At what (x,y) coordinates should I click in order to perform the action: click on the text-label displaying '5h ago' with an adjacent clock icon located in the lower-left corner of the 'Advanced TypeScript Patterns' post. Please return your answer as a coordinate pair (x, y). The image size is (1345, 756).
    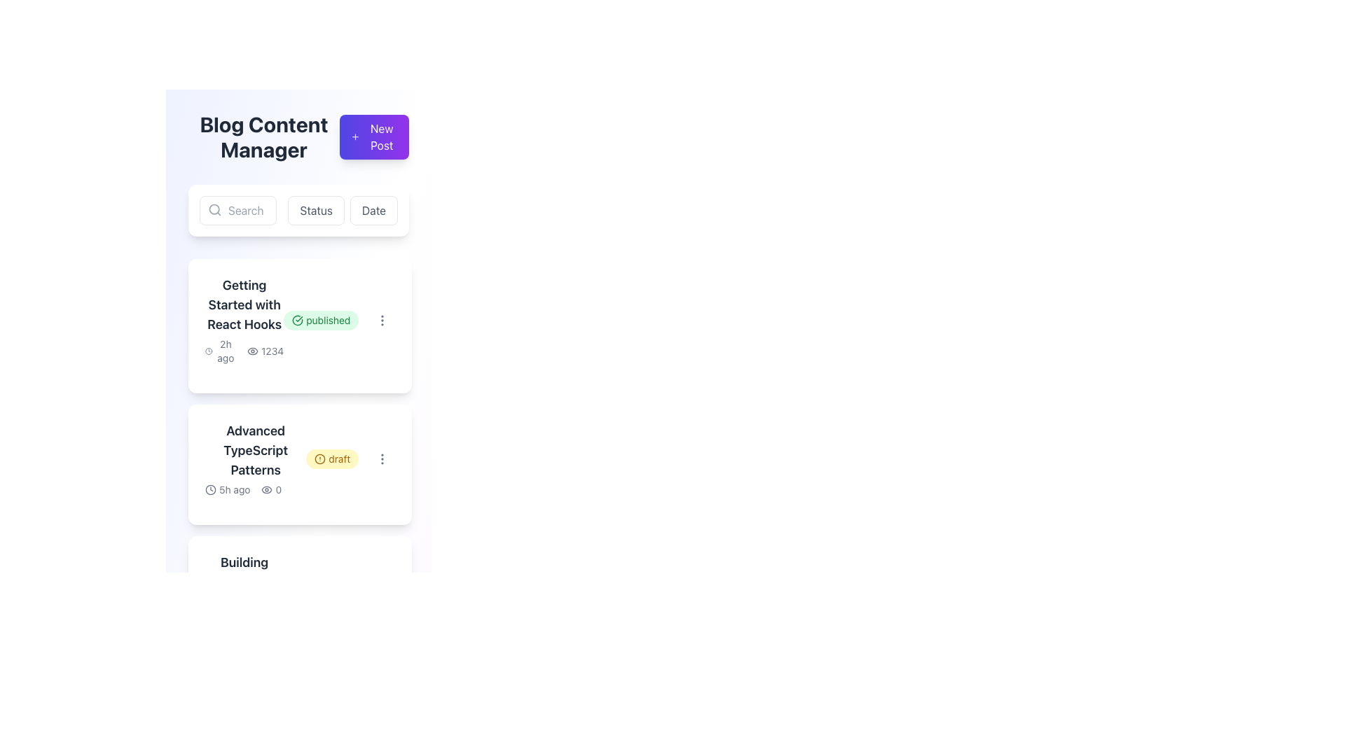
    Looking at the image, I should click on (228, 489).